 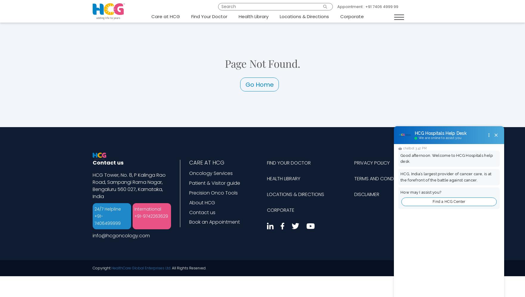 What do you see at coordinates (214, 222) in the screenshot?
I see `'Book an Appointment'` at bounding box center [214, 222].